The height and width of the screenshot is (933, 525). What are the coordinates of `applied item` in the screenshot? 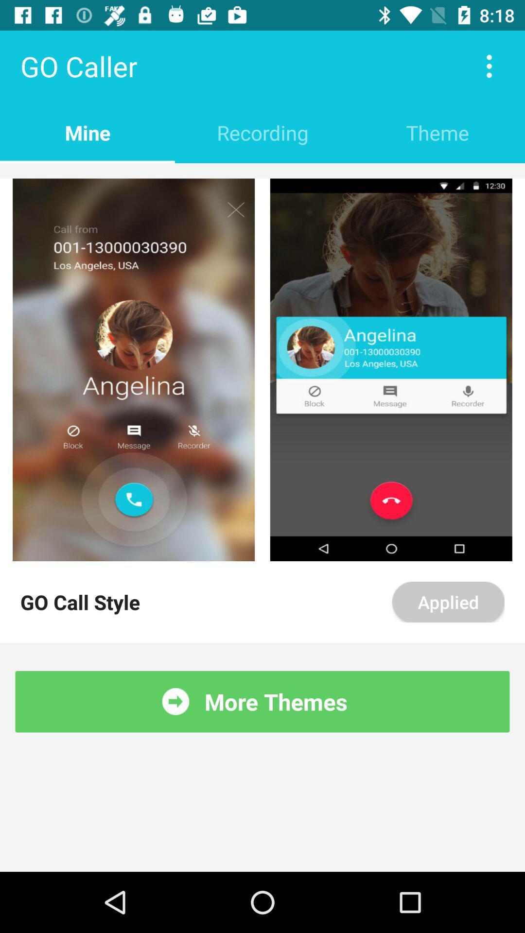 It's located at (448, 601).